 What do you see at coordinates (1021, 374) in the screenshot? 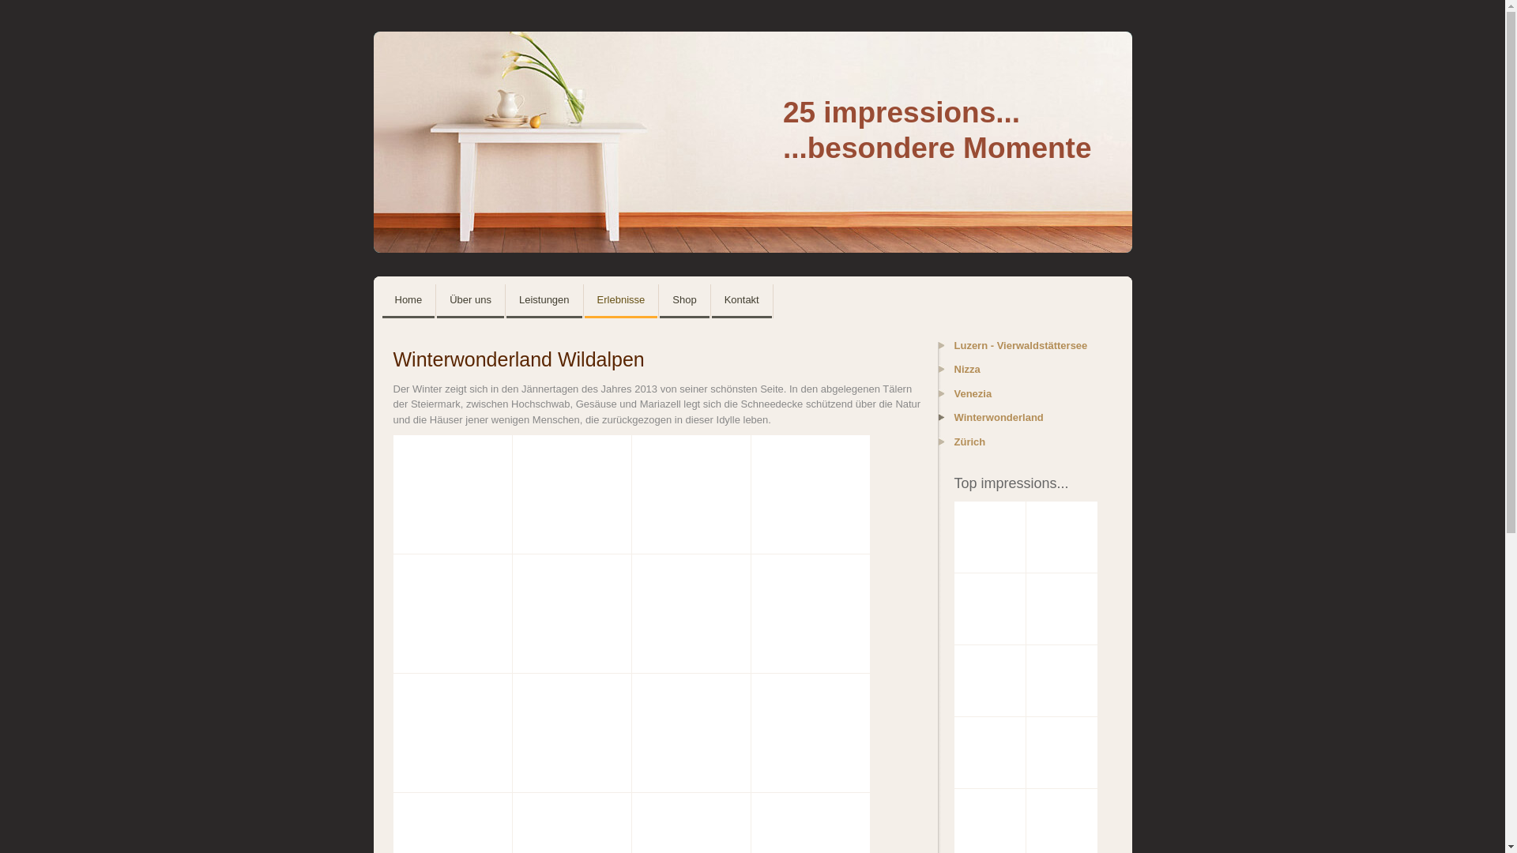
I see `'Nizza'` at bounding box center [1021, 374].